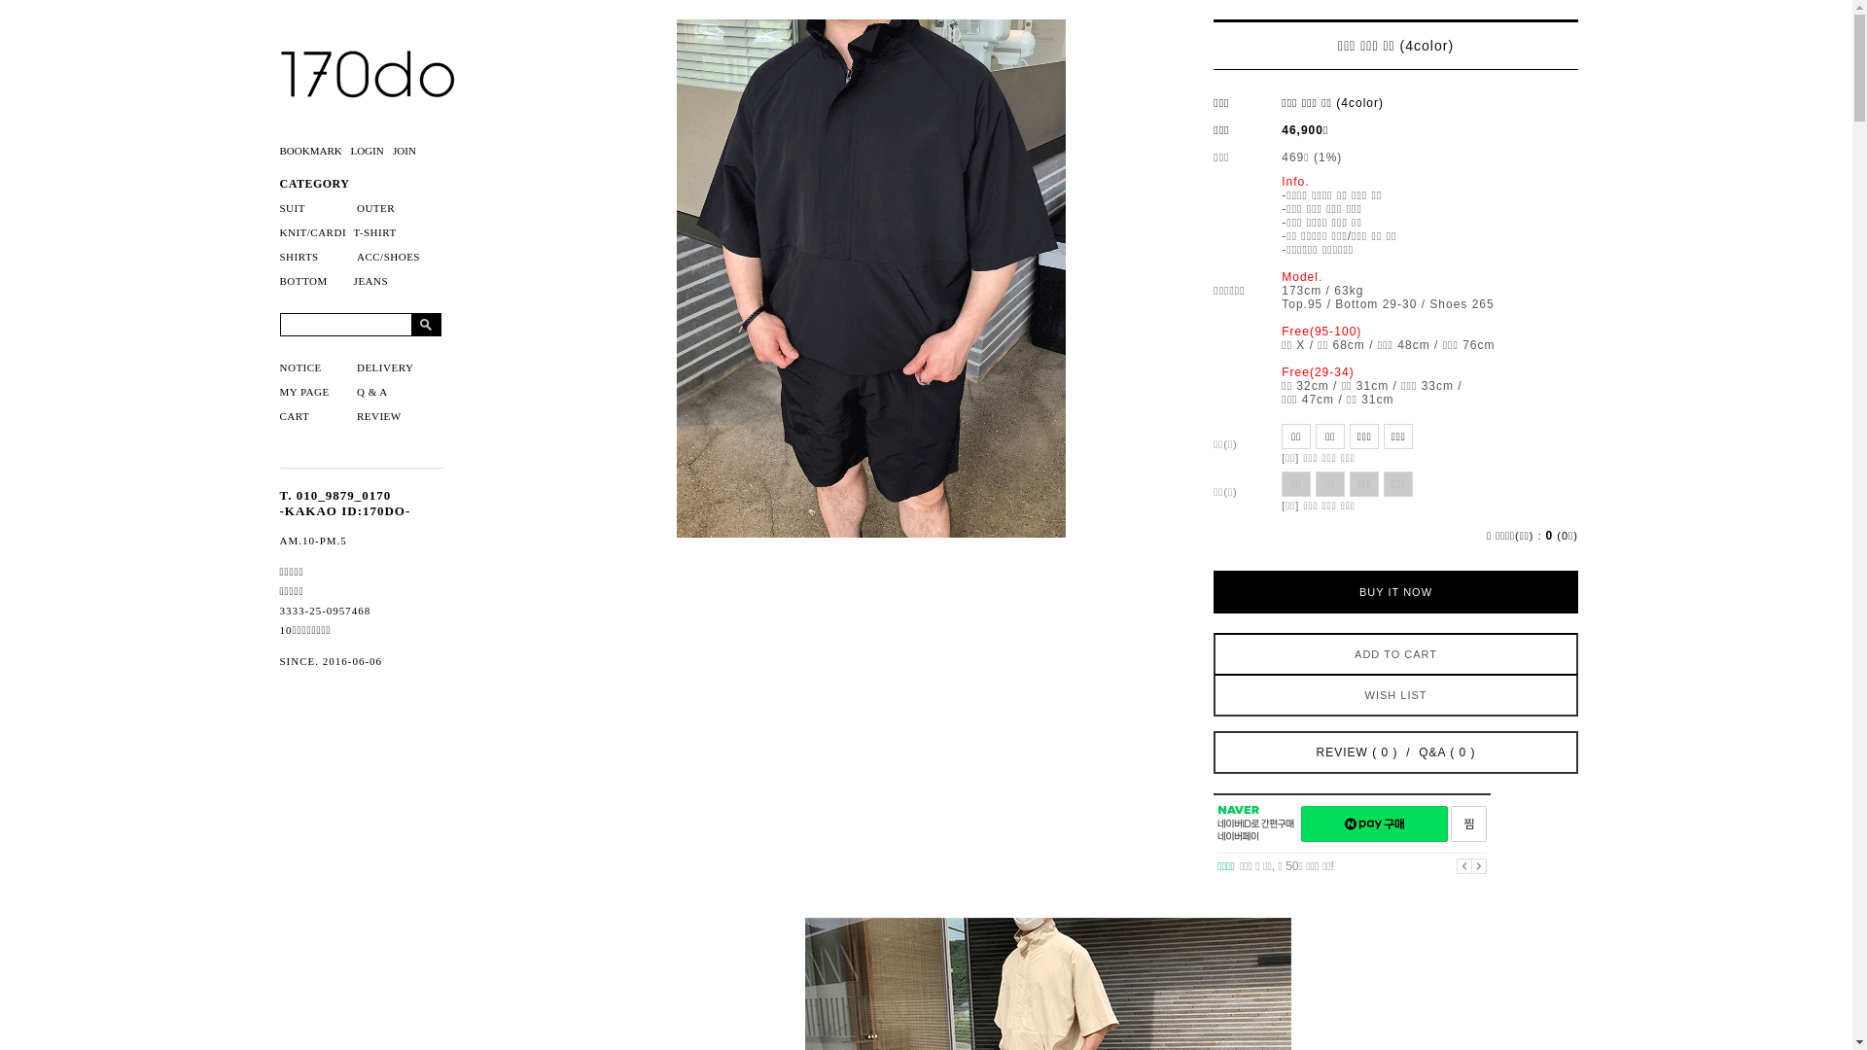 Image resolution: width=1867 pixels, height=1050 pixels. What do you see at coordinates (375, 207) in the screenshot?
I see `'OUTER'` at bounding box center [375, 207].